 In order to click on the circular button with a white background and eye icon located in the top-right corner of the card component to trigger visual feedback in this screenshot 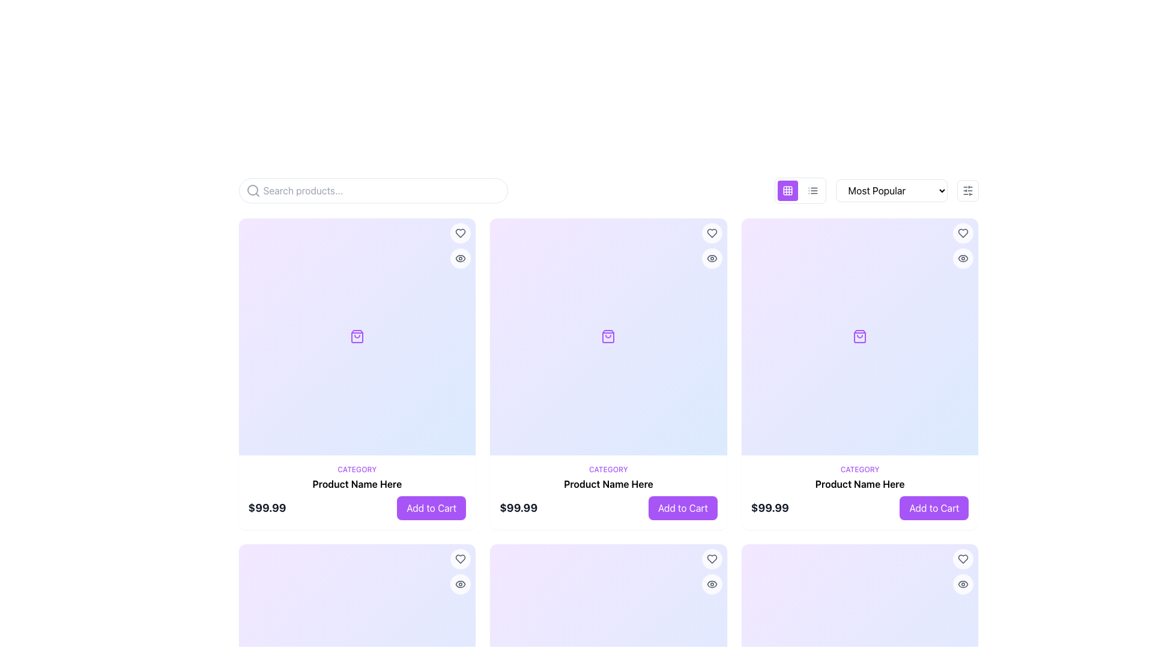, I will do `click(460, 258)`.